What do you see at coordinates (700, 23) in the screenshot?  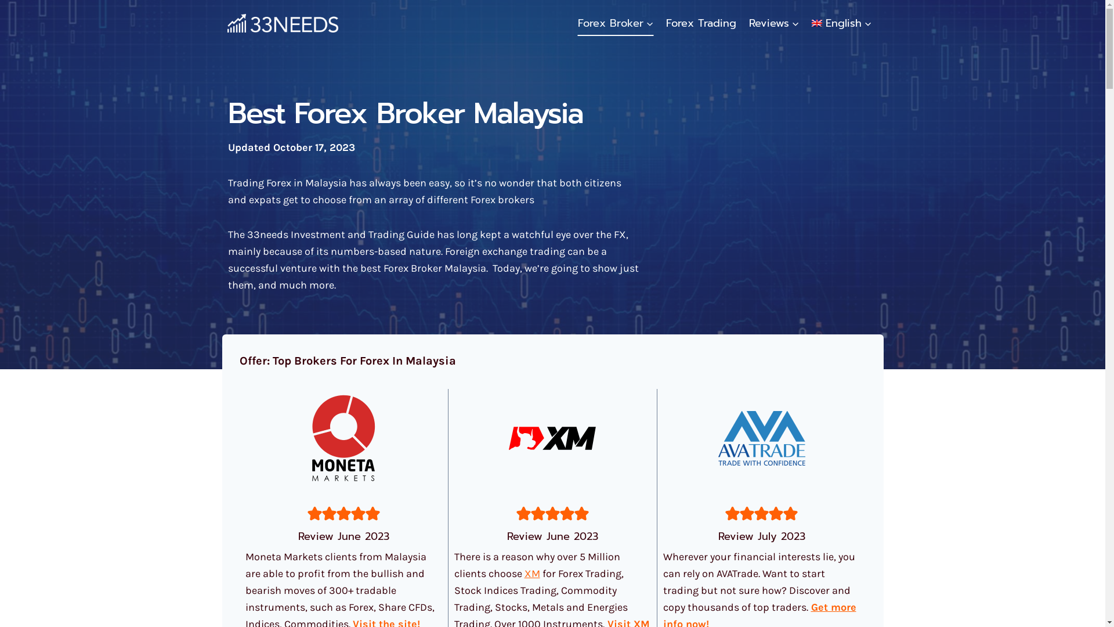 I see `'Forex Trading'` at bounding box center [700, 23].